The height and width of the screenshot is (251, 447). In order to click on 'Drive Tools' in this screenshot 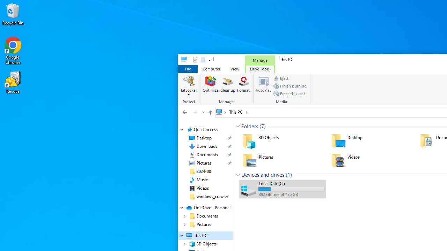, I will do `click(259, 69)`.